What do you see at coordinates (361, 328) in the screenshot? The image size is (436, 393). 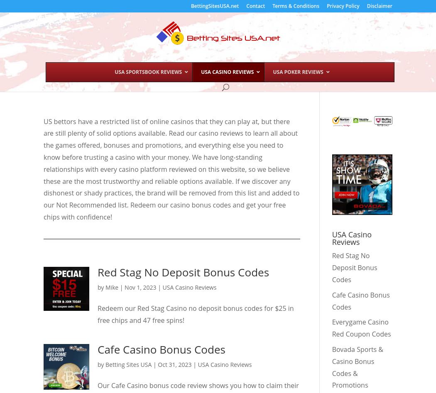 I see `'Everygame Casino Red Coupon Codes'` at bounding box center [361, 328].